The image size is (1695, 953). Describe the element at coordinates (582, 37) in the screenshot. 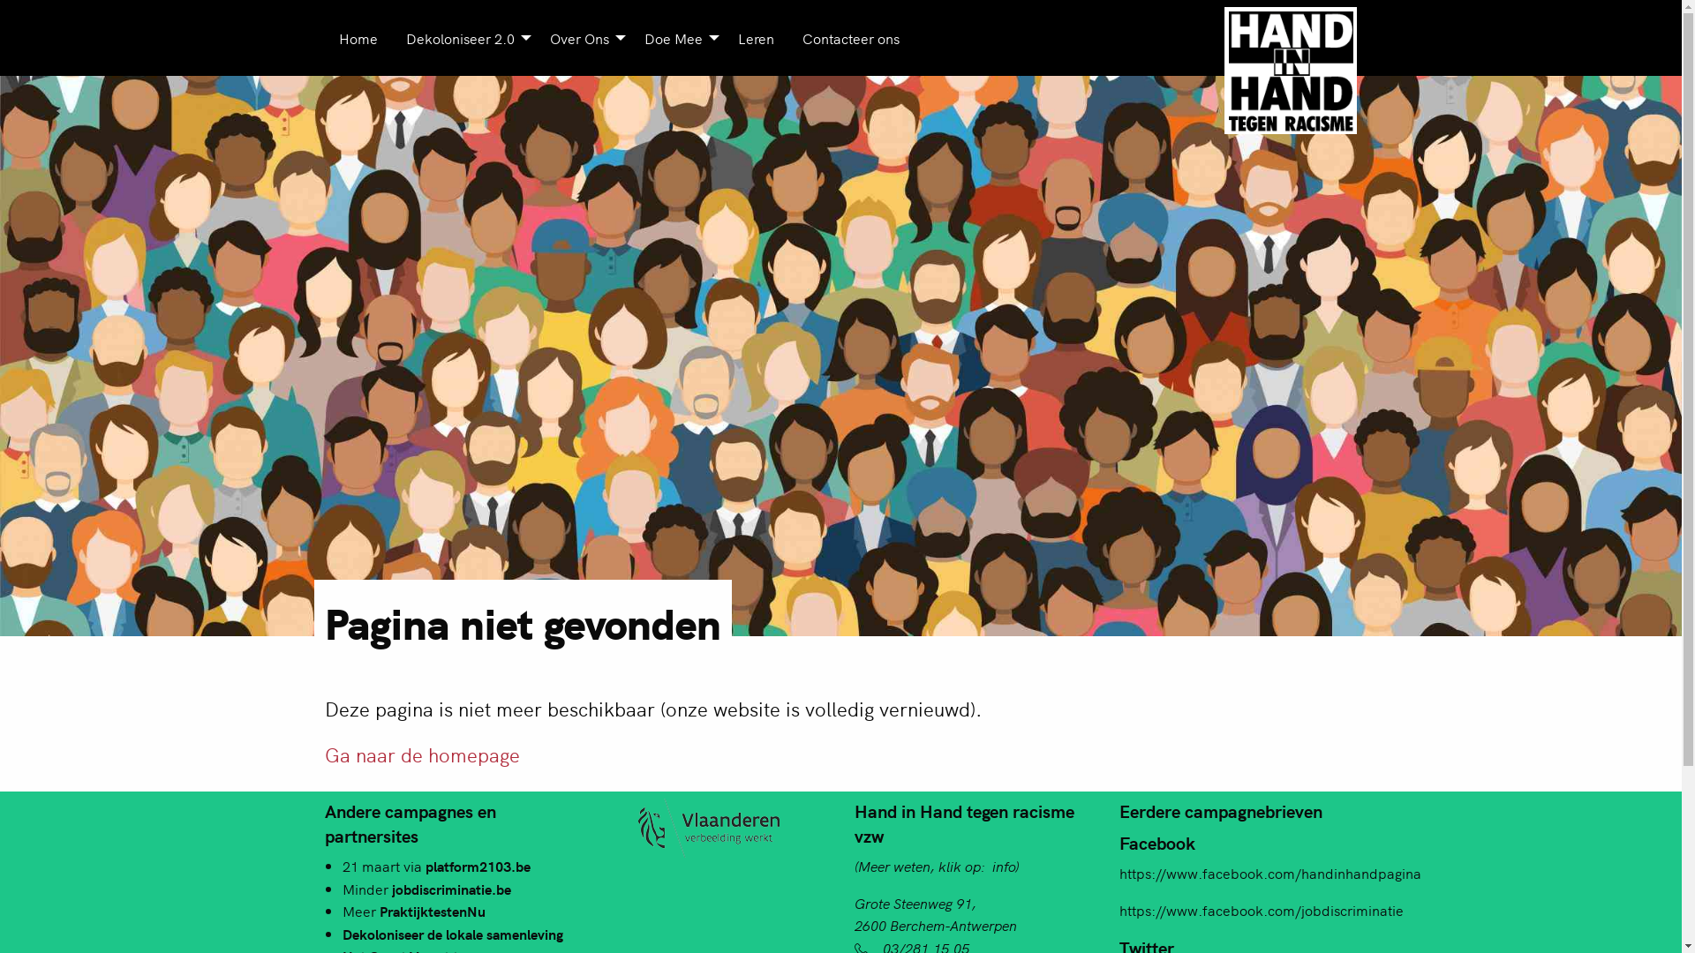

I see `'Over Ons'` at that location.